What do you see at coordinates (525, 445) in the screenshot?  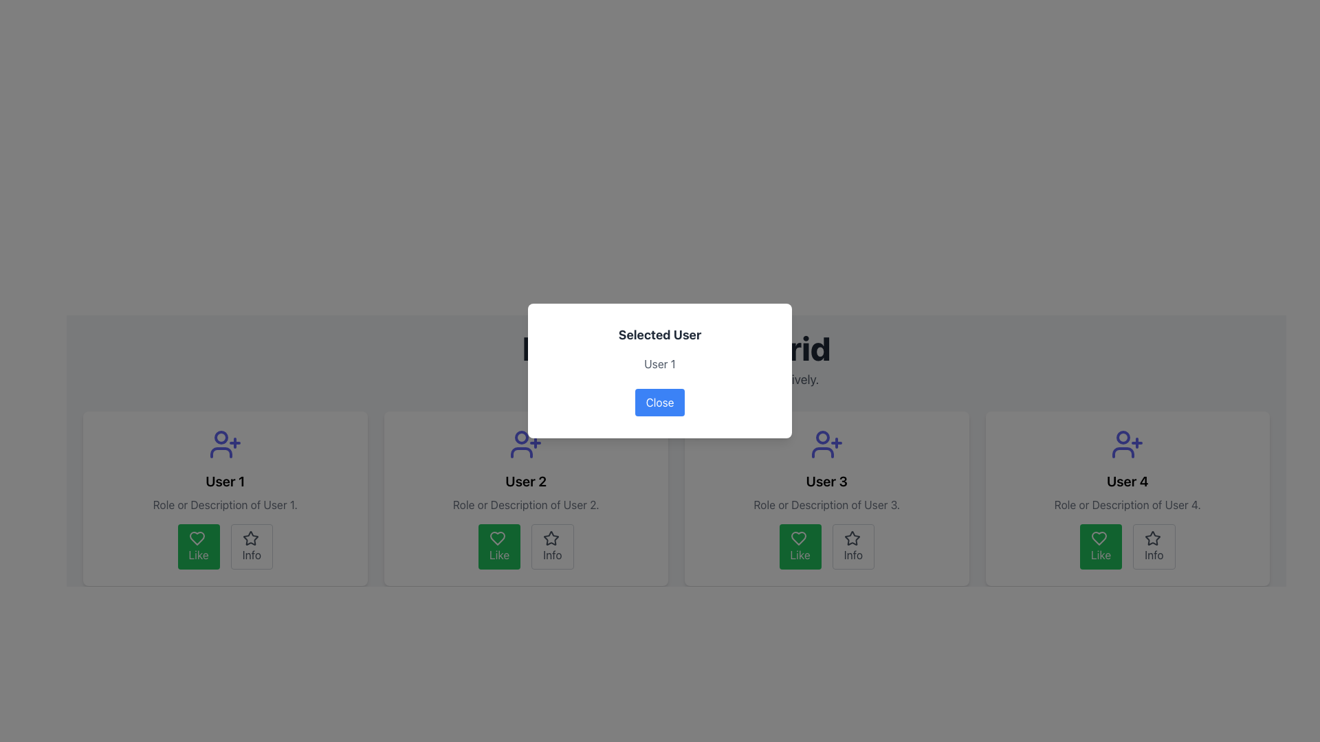 I see `user icon with a '+' symbol in indigo color located at the top of 'User 2' card by clicking on it` at bounding box center [525, 445].